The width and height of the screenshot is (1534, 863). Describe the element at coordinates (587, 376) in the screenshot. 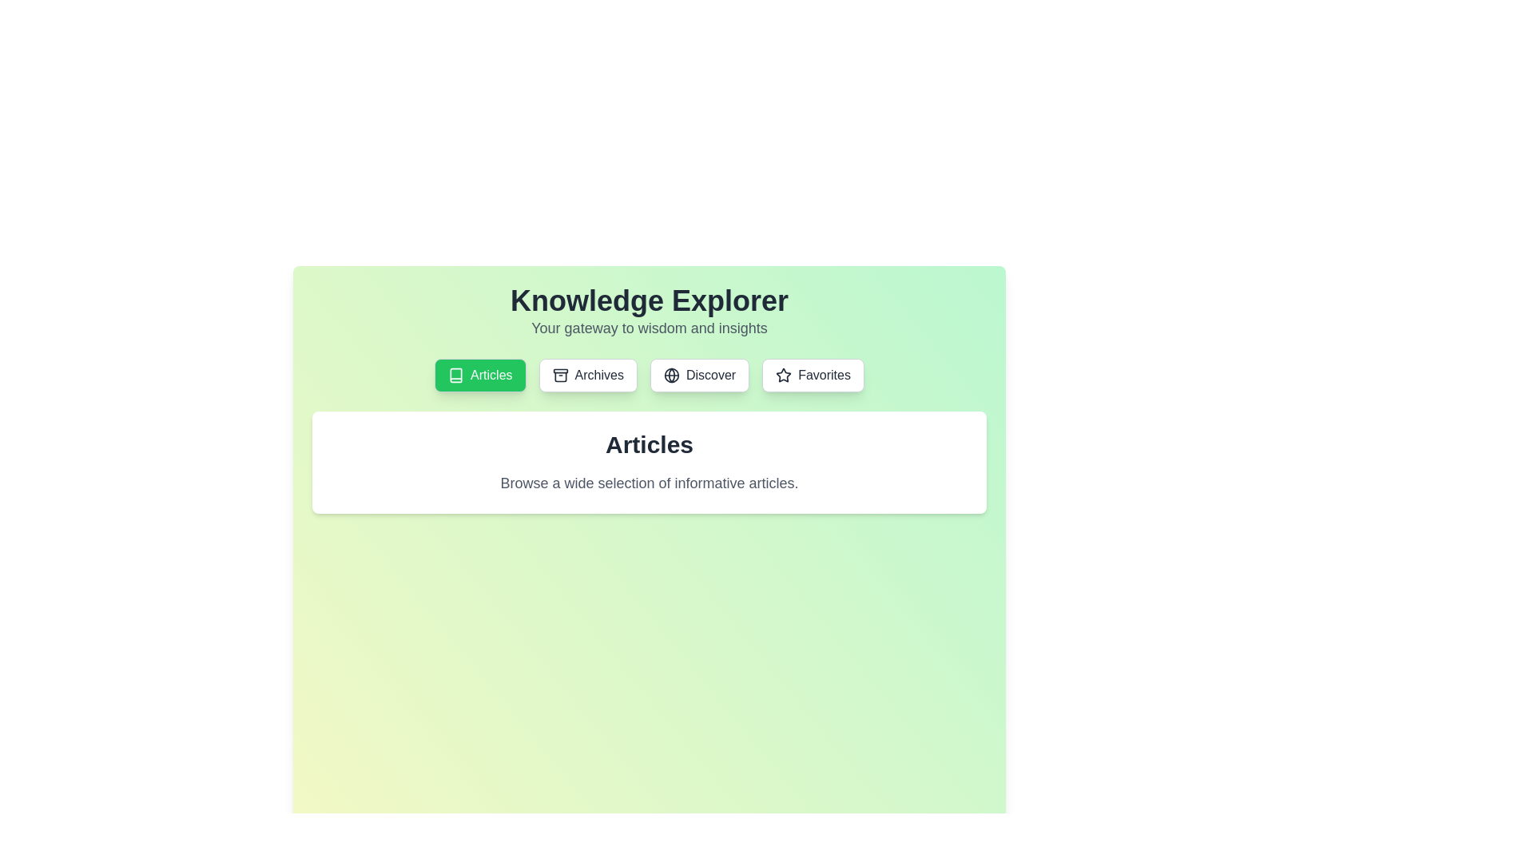

I see `the tab with label Archives` at that location.